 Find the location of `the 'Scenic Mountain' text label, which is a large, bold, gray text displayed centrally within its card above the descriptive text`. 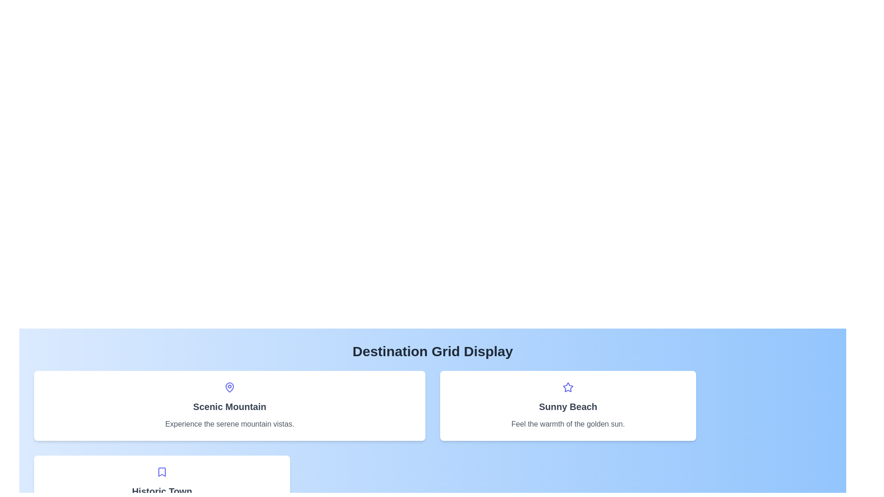

the 'Scenic Mountain' text label, which is a large, bold, gray text displayed centrally within its card above the descriptive text is located at coordinates (230, 406).